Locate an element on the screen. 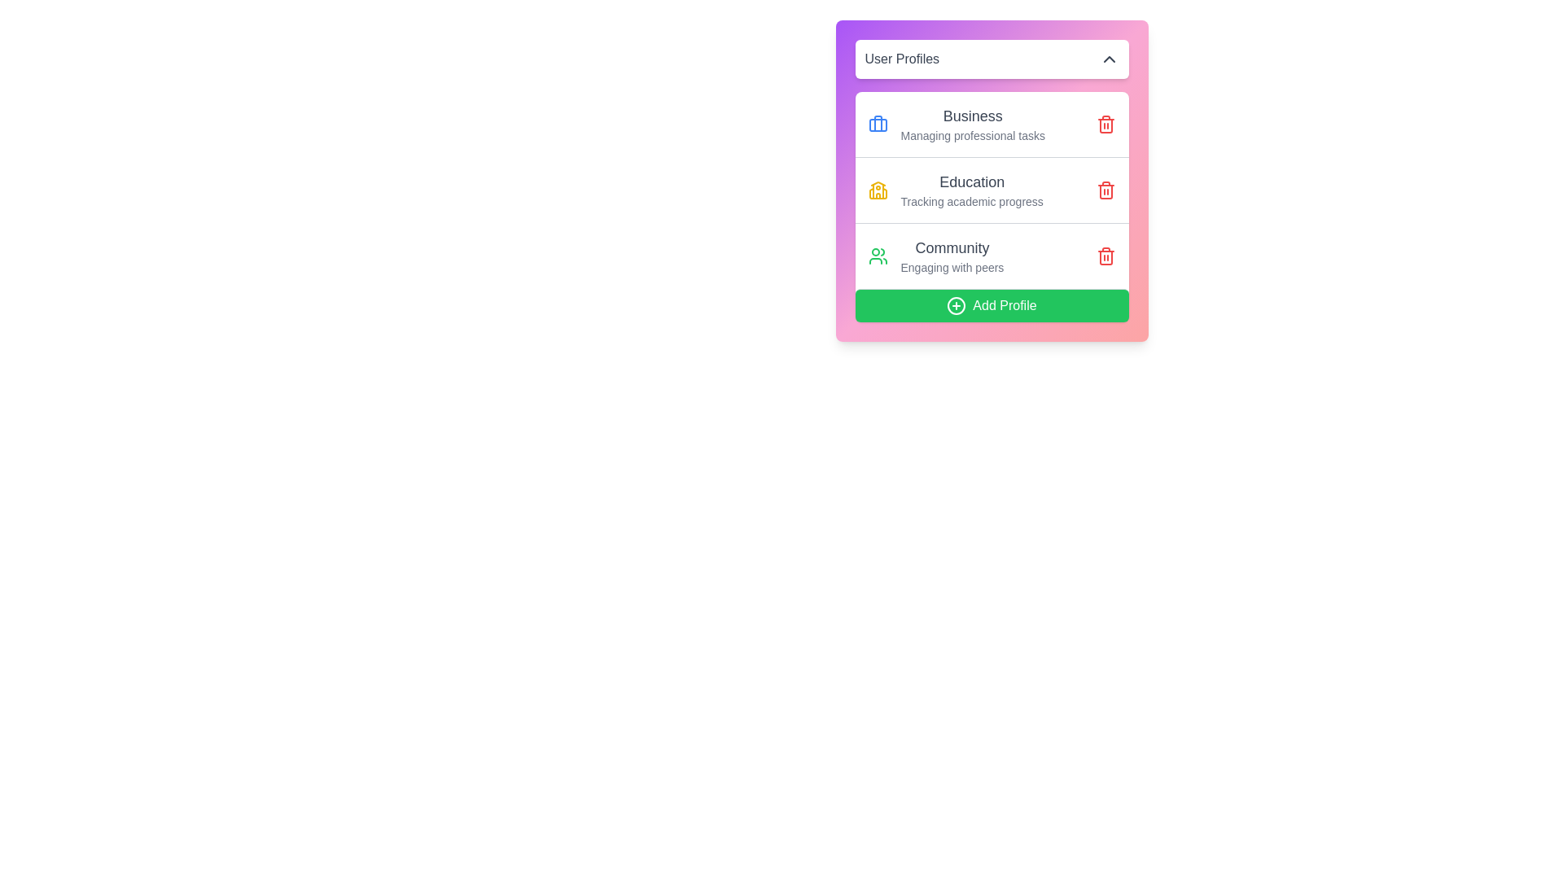 This screenshot has width=1563, height=879. the circular icon with a plus sign in the center, which is styled with a green background and white line art is located at coordinates (957, 305).